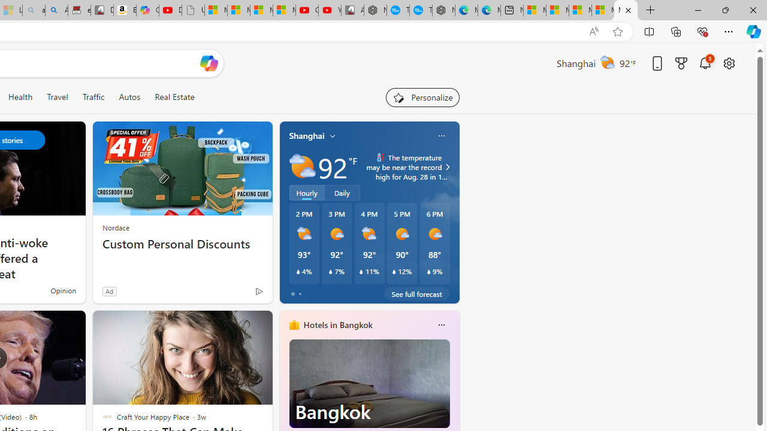 Image resolution: width=767 pixels, height=431 pixels. Describe the element at coordinates (681, 63) in the screenshot. I see `'Microsoft rewards'` at that location.